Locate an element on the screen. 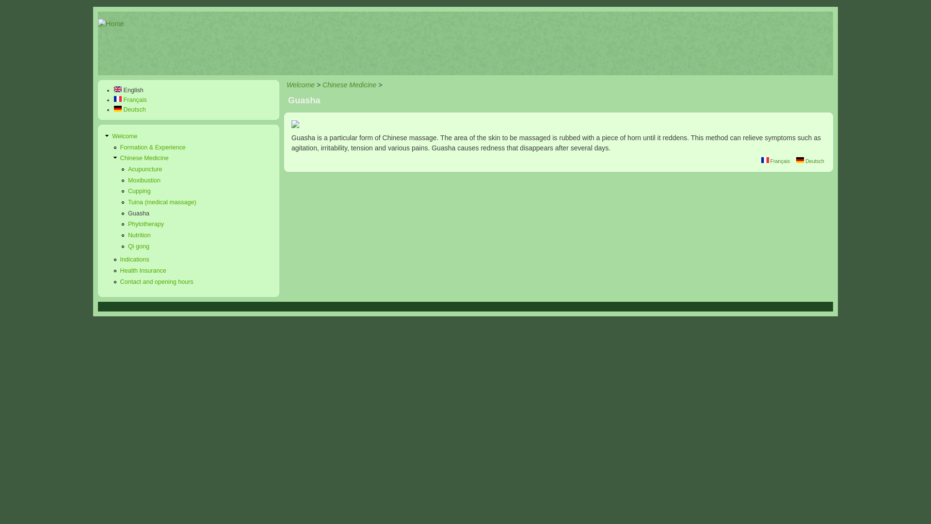  'Formation & Experience' is located at coordinates (152, 147).